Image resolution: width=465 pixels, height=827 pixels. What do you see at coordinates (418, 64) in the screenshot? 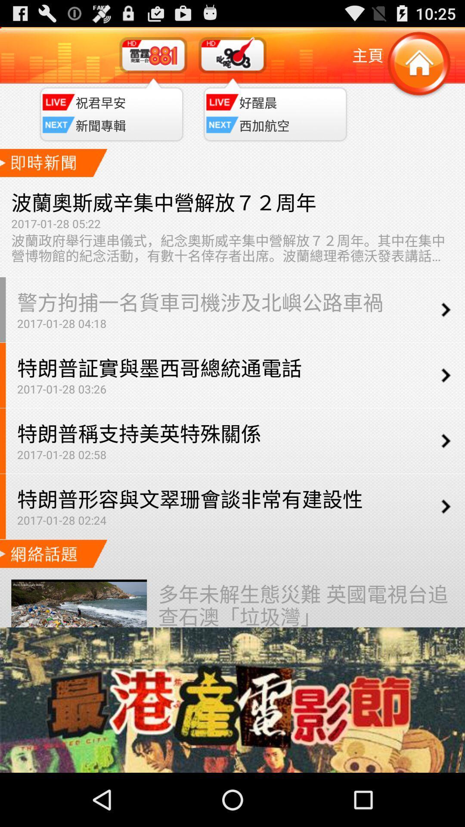
I see `home` at bounding box center [418, 64].